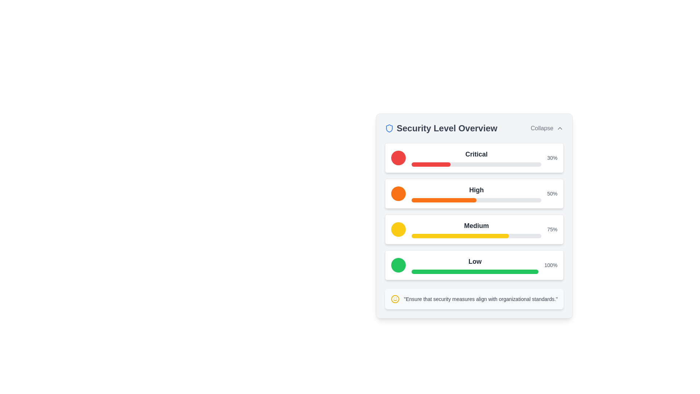 This screenshot has height=394, width=700. What do you see at coordinates (395, 299) in the screenshot?
I see `the outer circular boundary of the smiley face icon, which is a yellow circle with a black border, preceding the text 'Ensure that security measures align with organizational standards.'` at bounding box center [395, 299].